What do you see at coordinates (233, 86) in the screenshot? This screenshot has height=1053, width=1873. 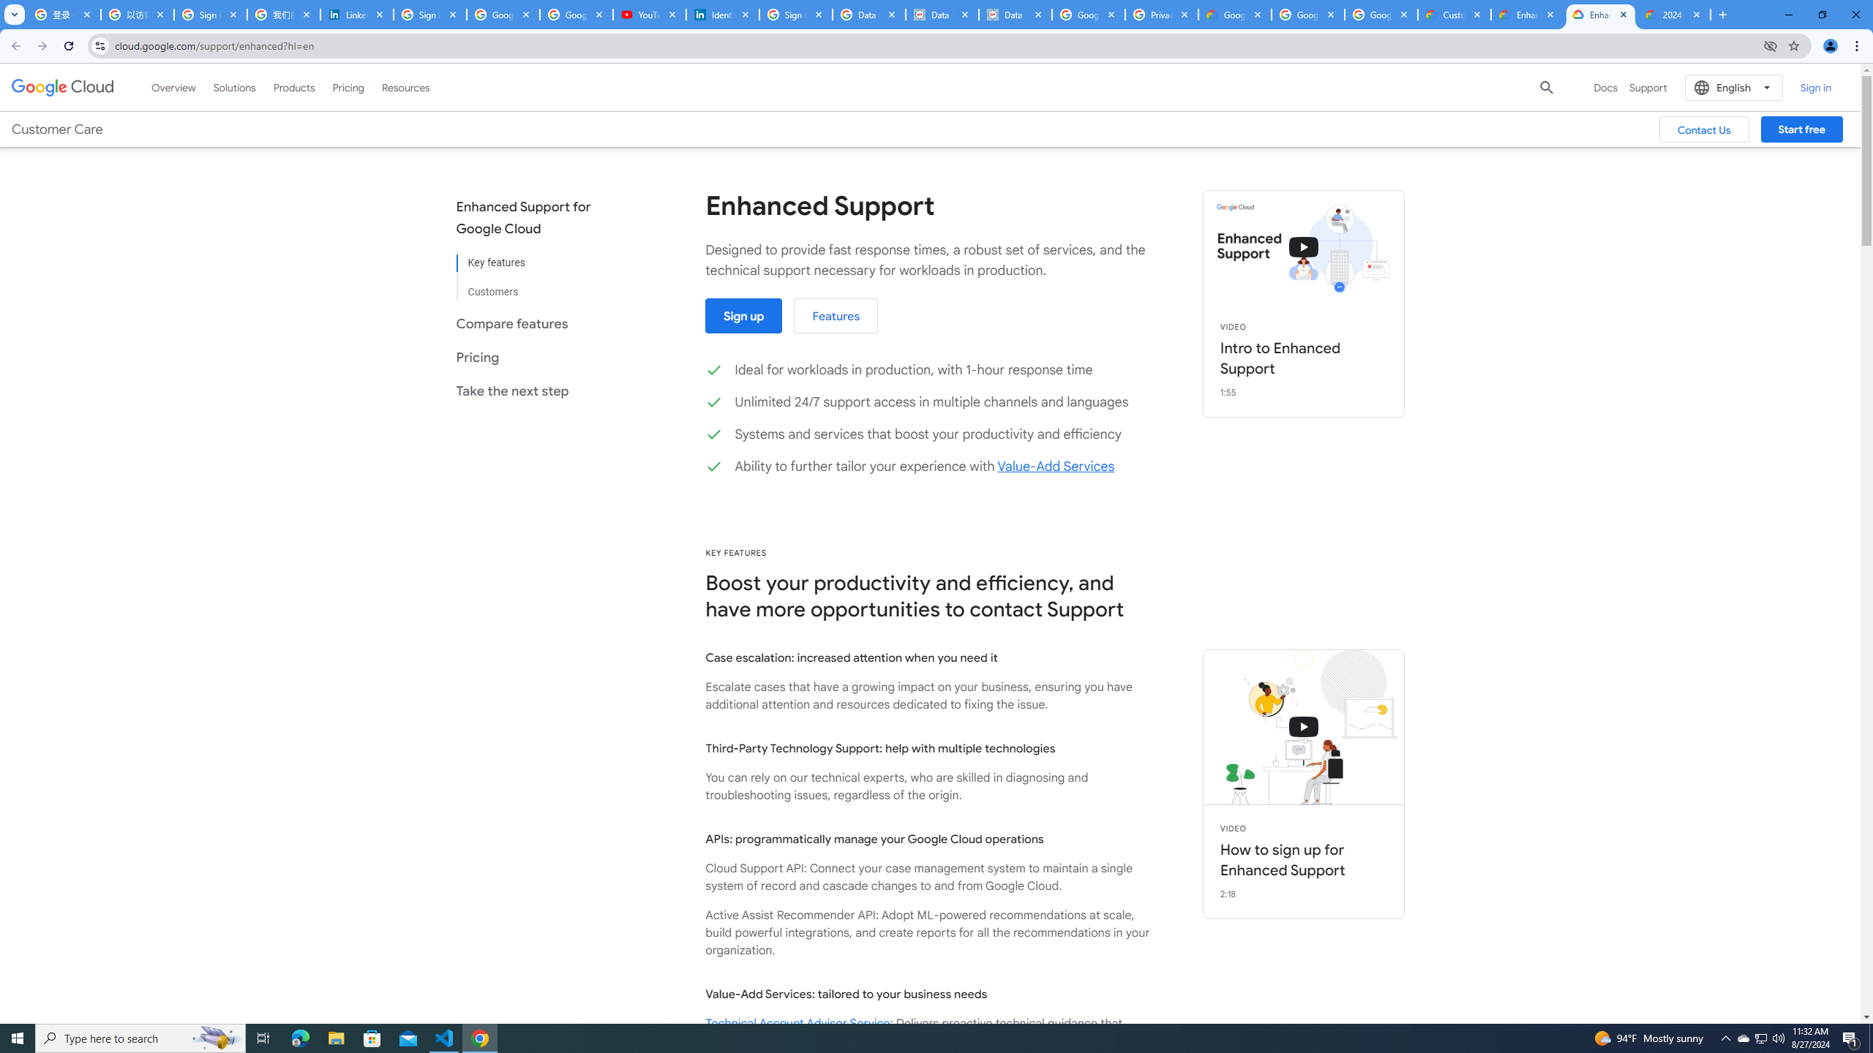 I see `'Solutions'` at bounding box center [233, 86].